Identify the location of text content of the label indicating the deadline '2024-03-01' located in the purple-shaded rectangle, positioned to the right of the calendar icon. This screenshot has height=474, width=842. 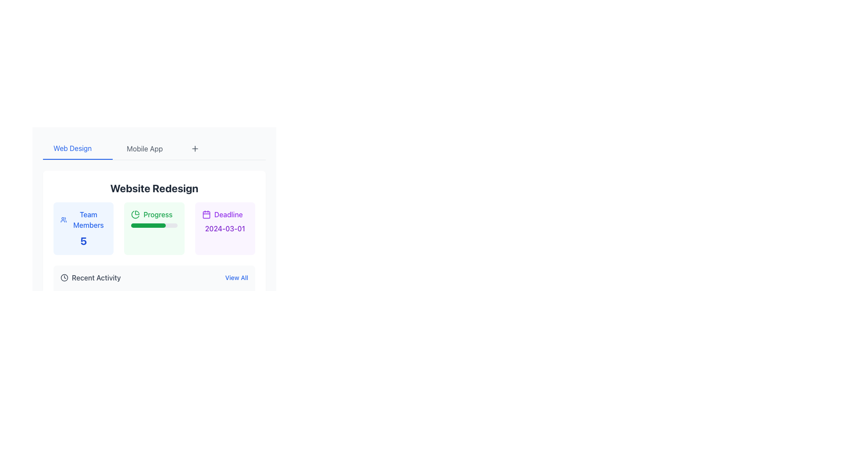
(225, 215).